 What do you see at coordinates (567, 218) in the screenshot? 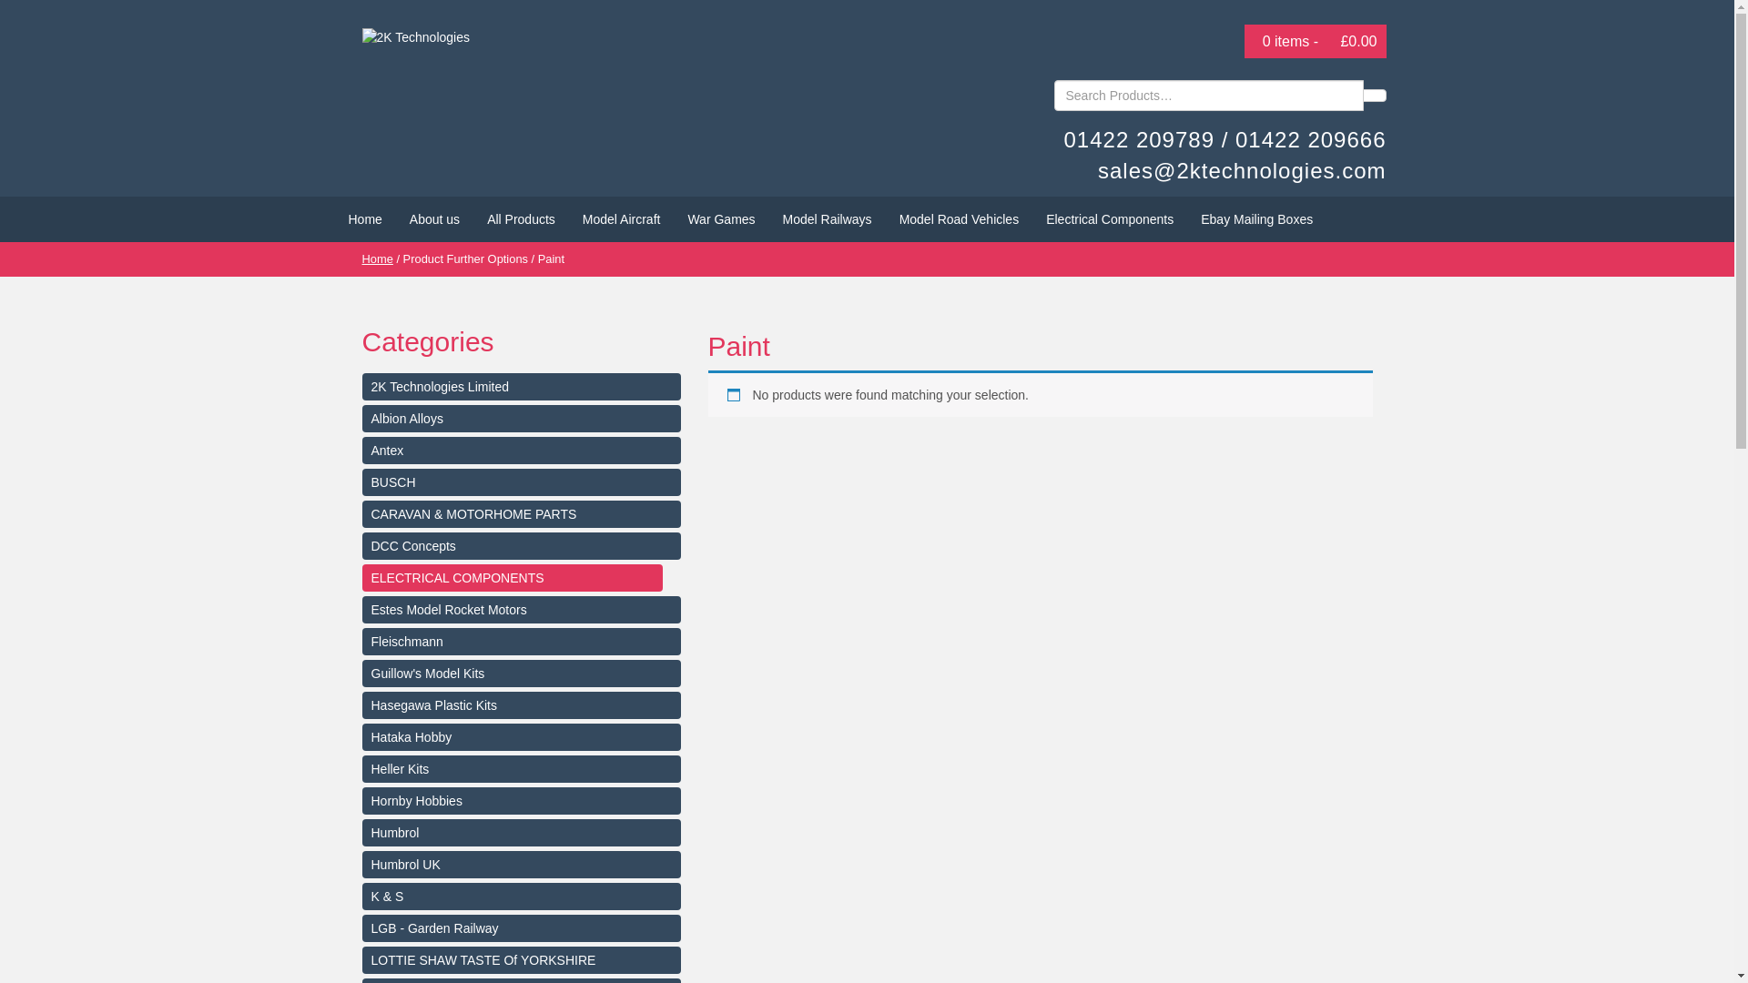
I see `'Model Aircraft'` at bounding box center [567, 218].